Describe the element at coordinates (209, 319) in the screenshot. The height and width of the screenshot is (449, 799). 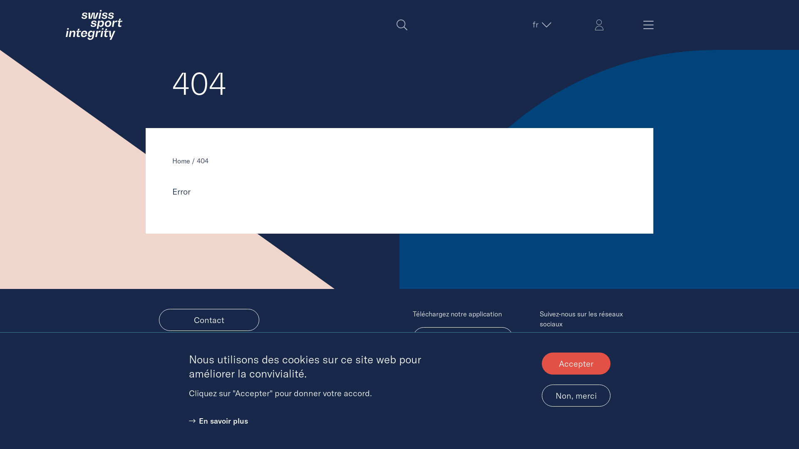
I see `'Contact'` at that location.